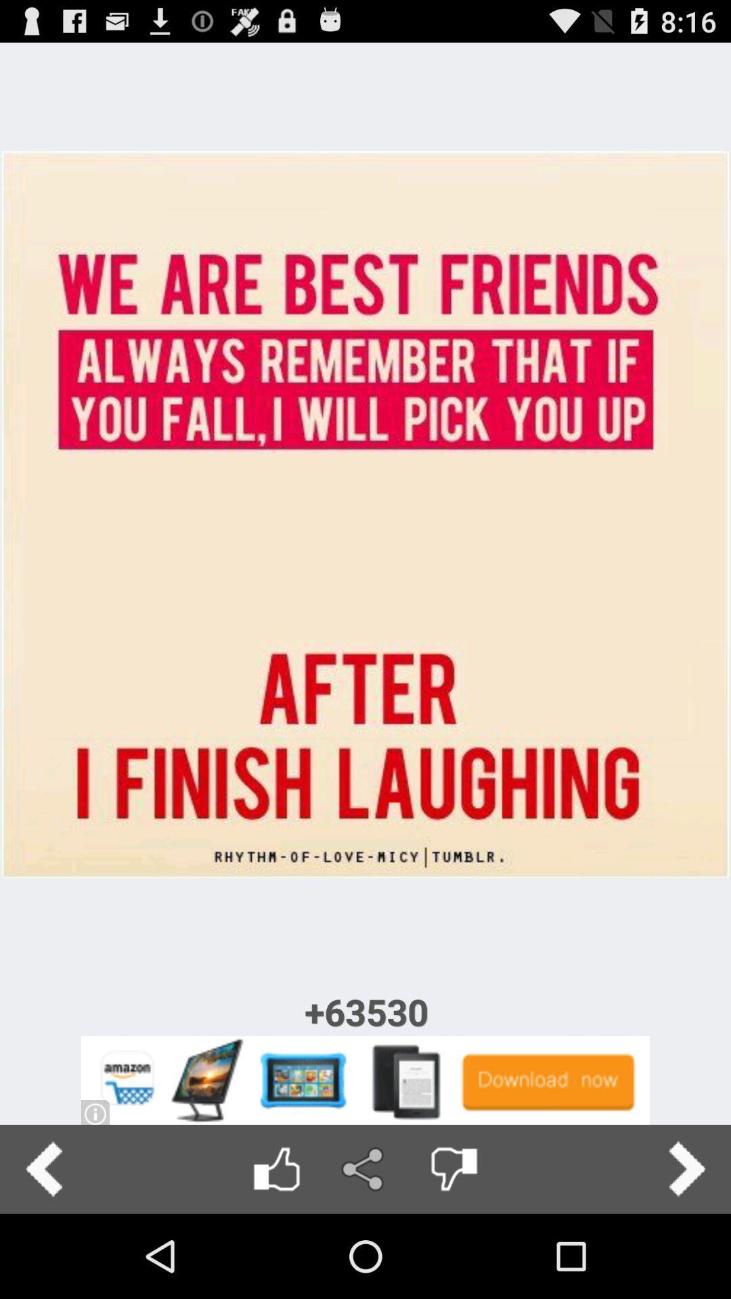  What do you see at coordinates (453, 1168) in the screenshot?
I see `dislike post` at bounding box center [453, 1168].